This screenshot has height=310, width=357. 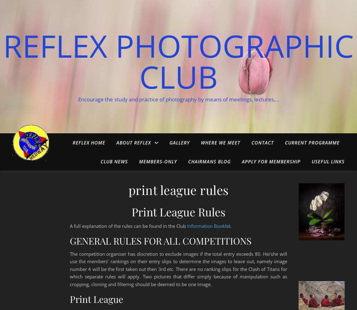 What do you see at coordinates (72, 142) in the screenshot?
I see `'Reflex Home'` at bounding box center [72, 142].